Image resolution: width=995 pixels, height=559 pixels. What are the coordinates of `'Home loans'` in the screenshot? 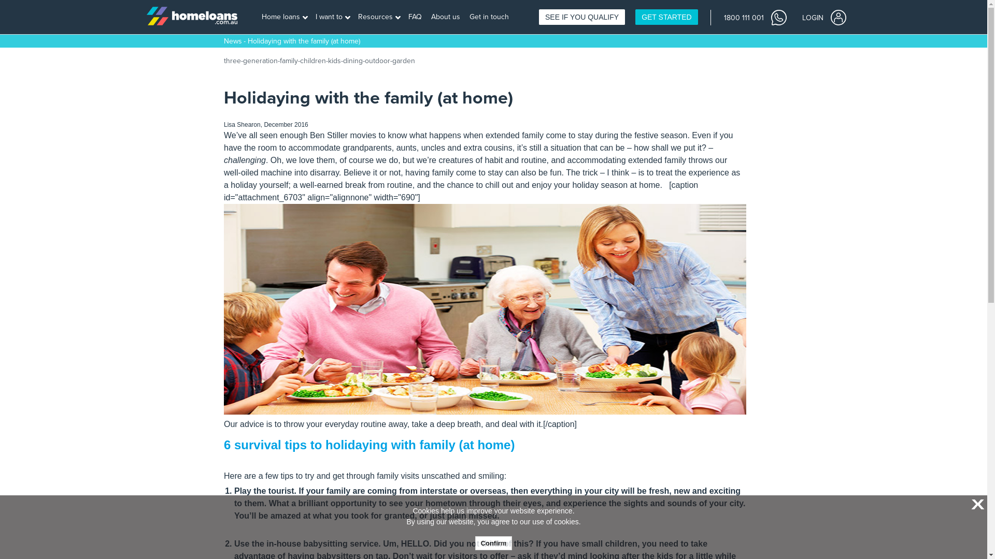 It's located at (285, 17).